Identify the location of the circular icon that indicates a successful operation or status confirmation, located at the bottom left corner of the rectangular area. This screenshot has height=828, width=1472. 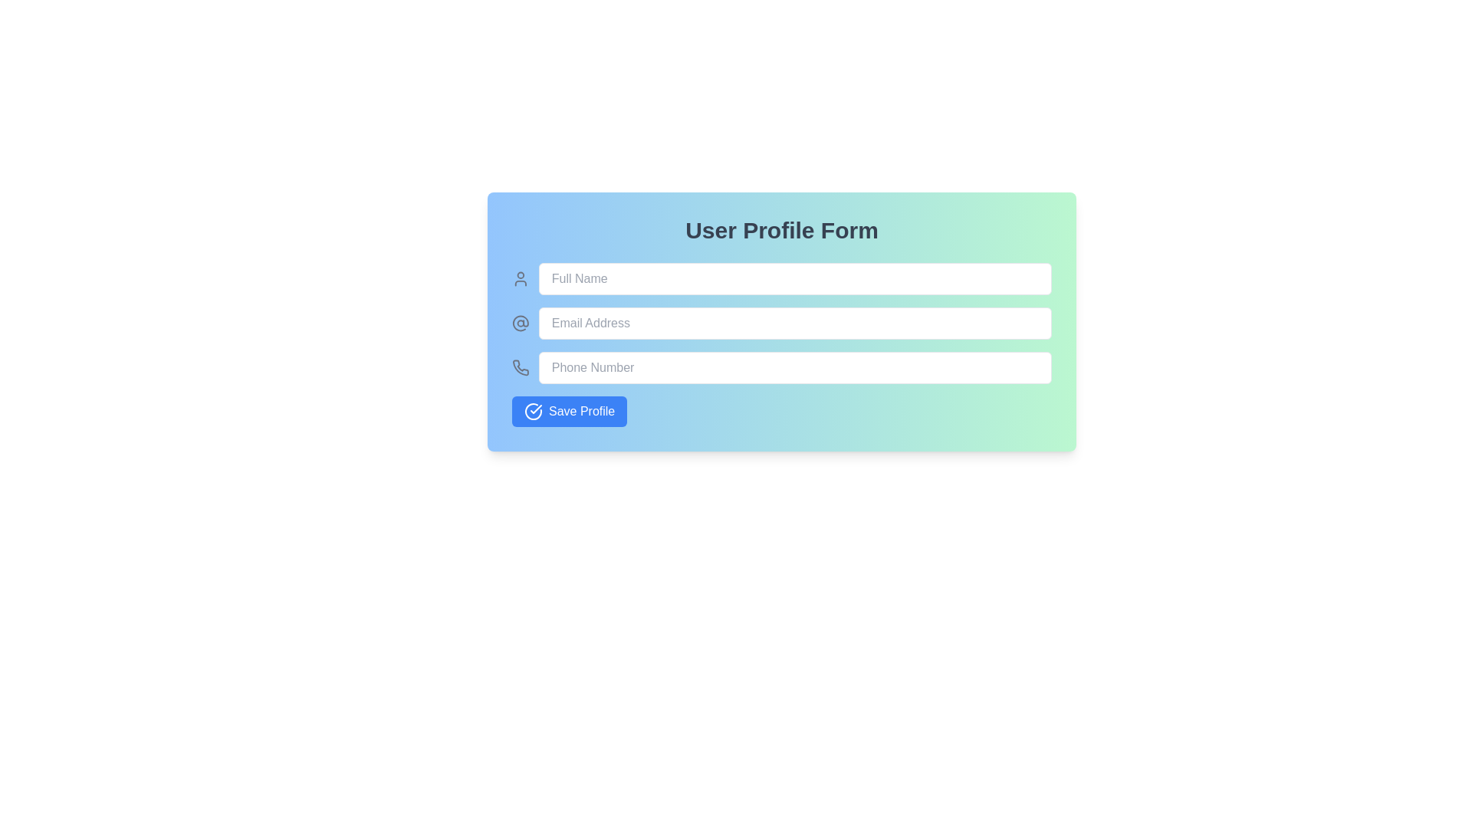
(536, 408).